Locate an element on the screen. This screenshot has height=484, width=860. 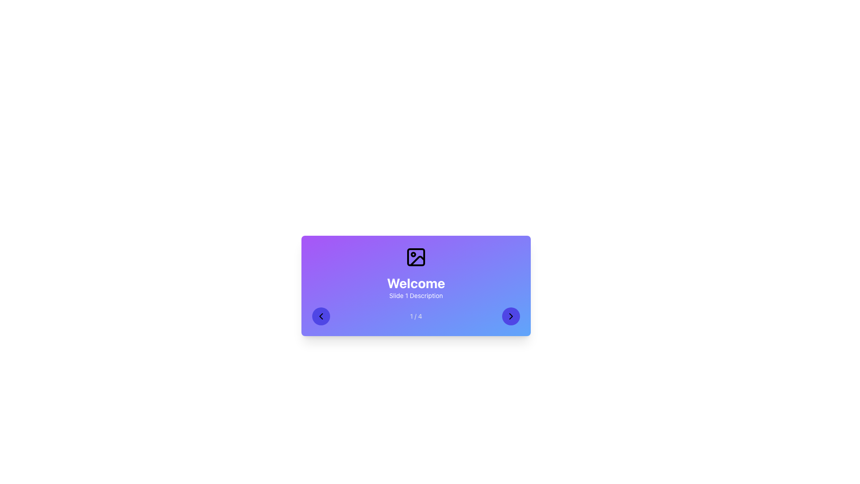
the circular purple button with a left-facing chevron icon is located at coordinates (321, 315).